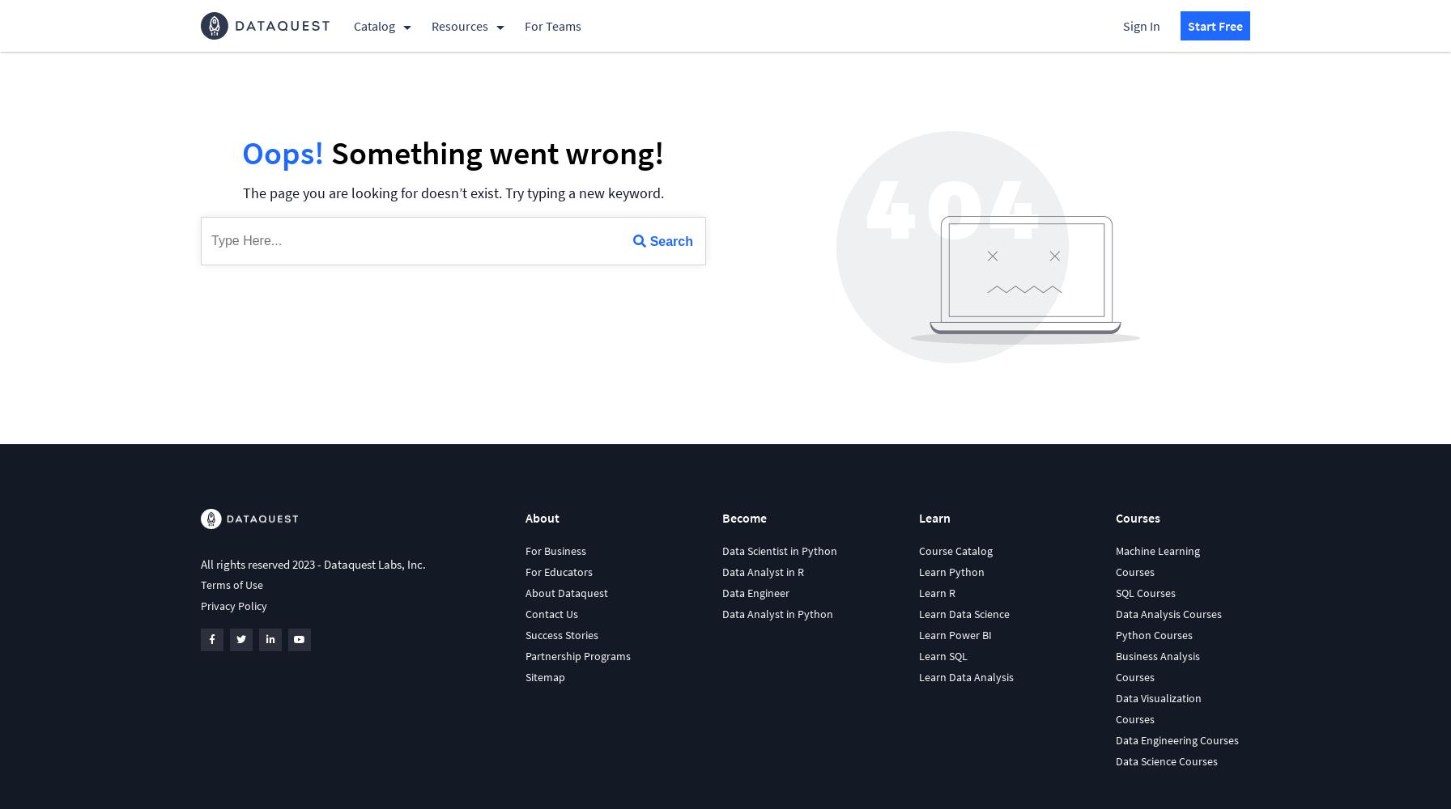 The height and width of the screenshot is (809, 1451). I want to click on 'Success Stories', so click(560, 635).